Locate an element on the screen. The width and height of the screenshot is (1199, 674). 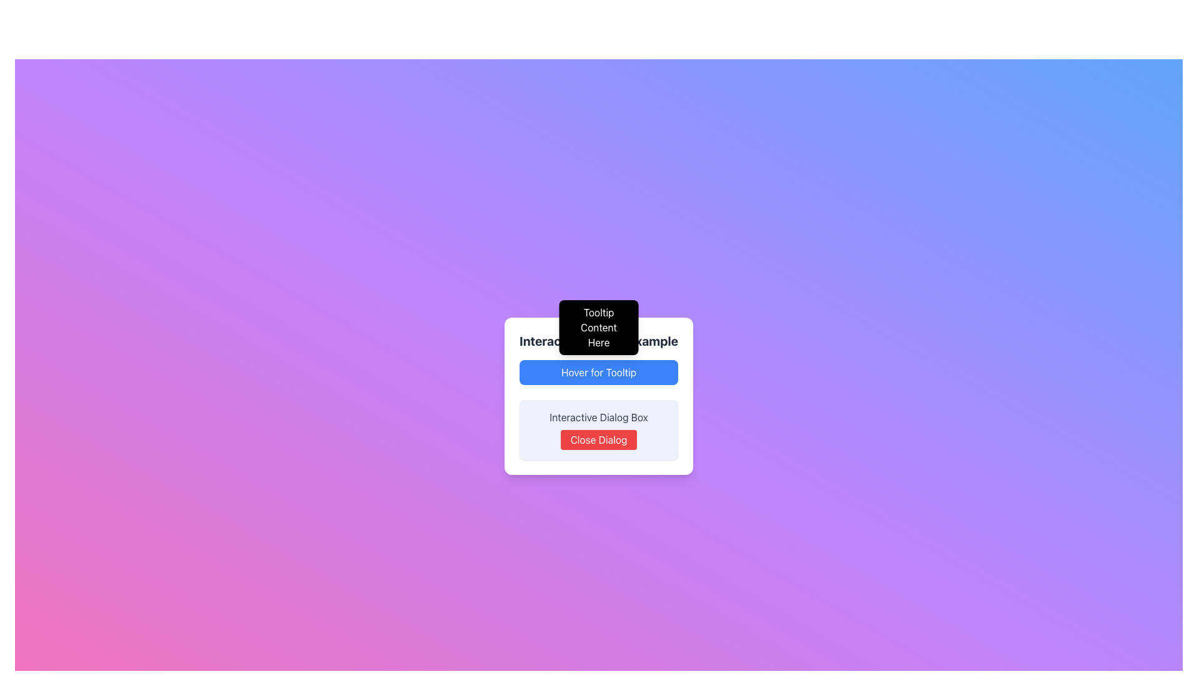
the close button located in the bottom section of the dialog box that dismisses it, to observe its hover effect is located at coordinates (598, 439).